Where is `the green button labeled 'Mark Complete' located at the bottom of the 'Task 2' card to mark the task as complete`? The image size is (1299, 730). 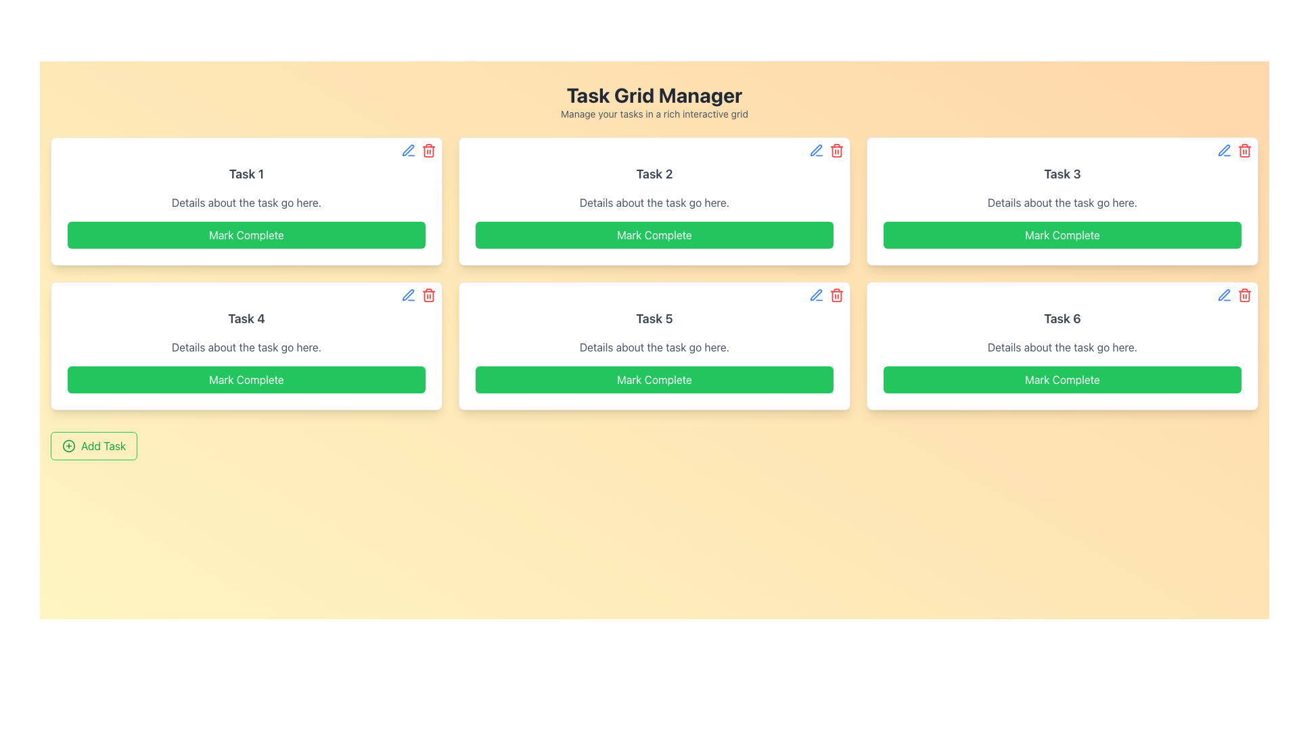 the green button labeled 'Mark Complete' located at the bottom of the 'Task 2' card to mark the task as complete is located at coordinates (654, 234).